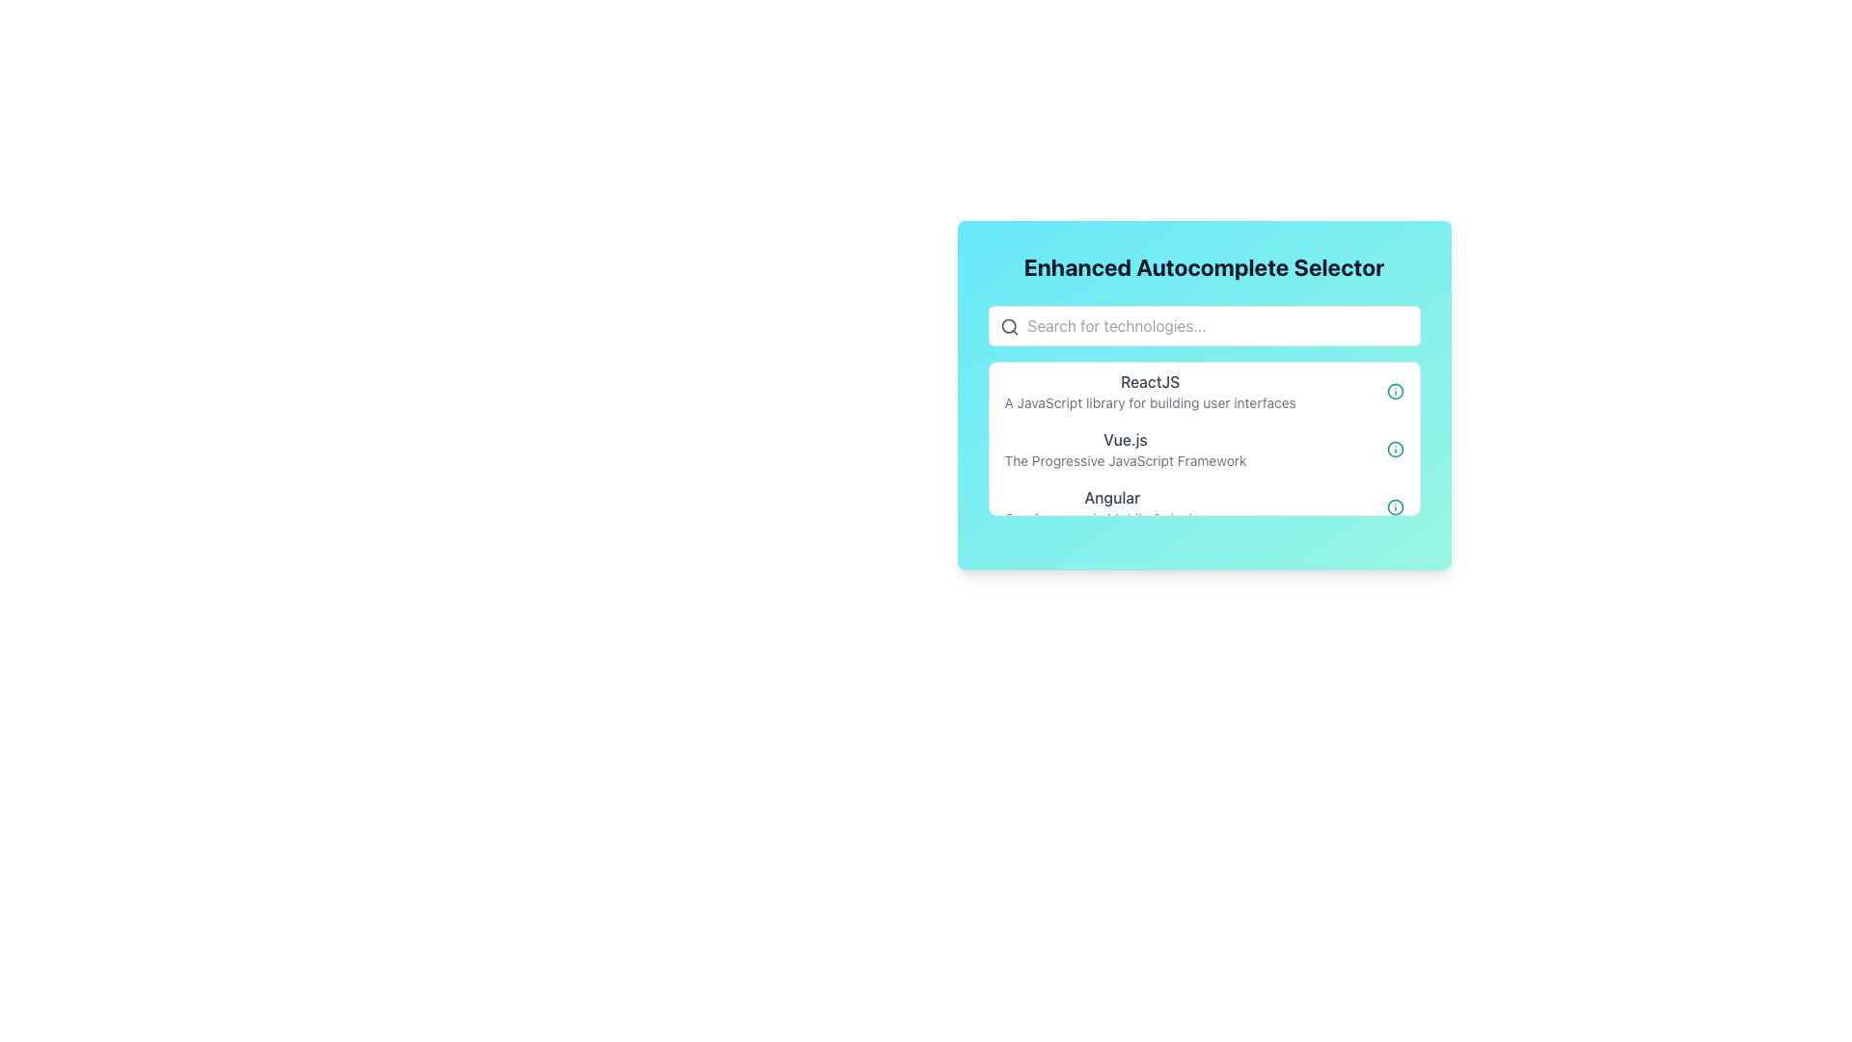  I want to click on the teal circular icon with an 'i' in the center, located at the right end of the row labeled 'Vue.js - The Progressive JavaScript Framework', so click(1395, 450).